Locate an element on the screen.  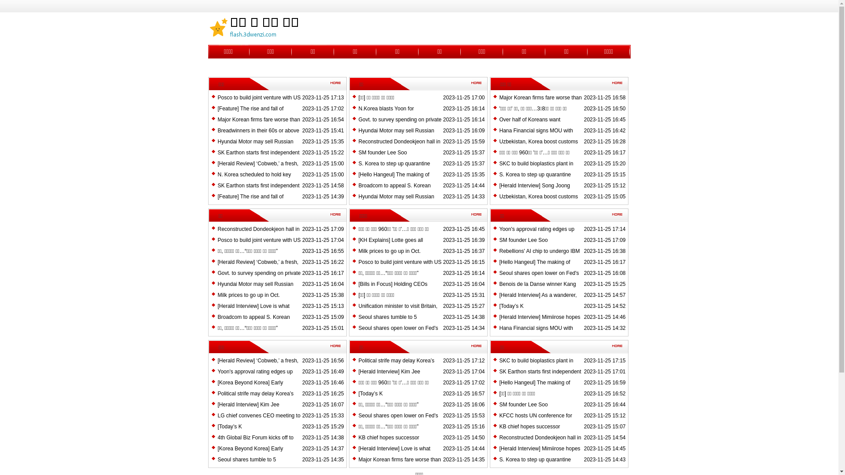
'Major Korean firms fare worse than US counterparts in H1' is located at coordinates (358, 464).